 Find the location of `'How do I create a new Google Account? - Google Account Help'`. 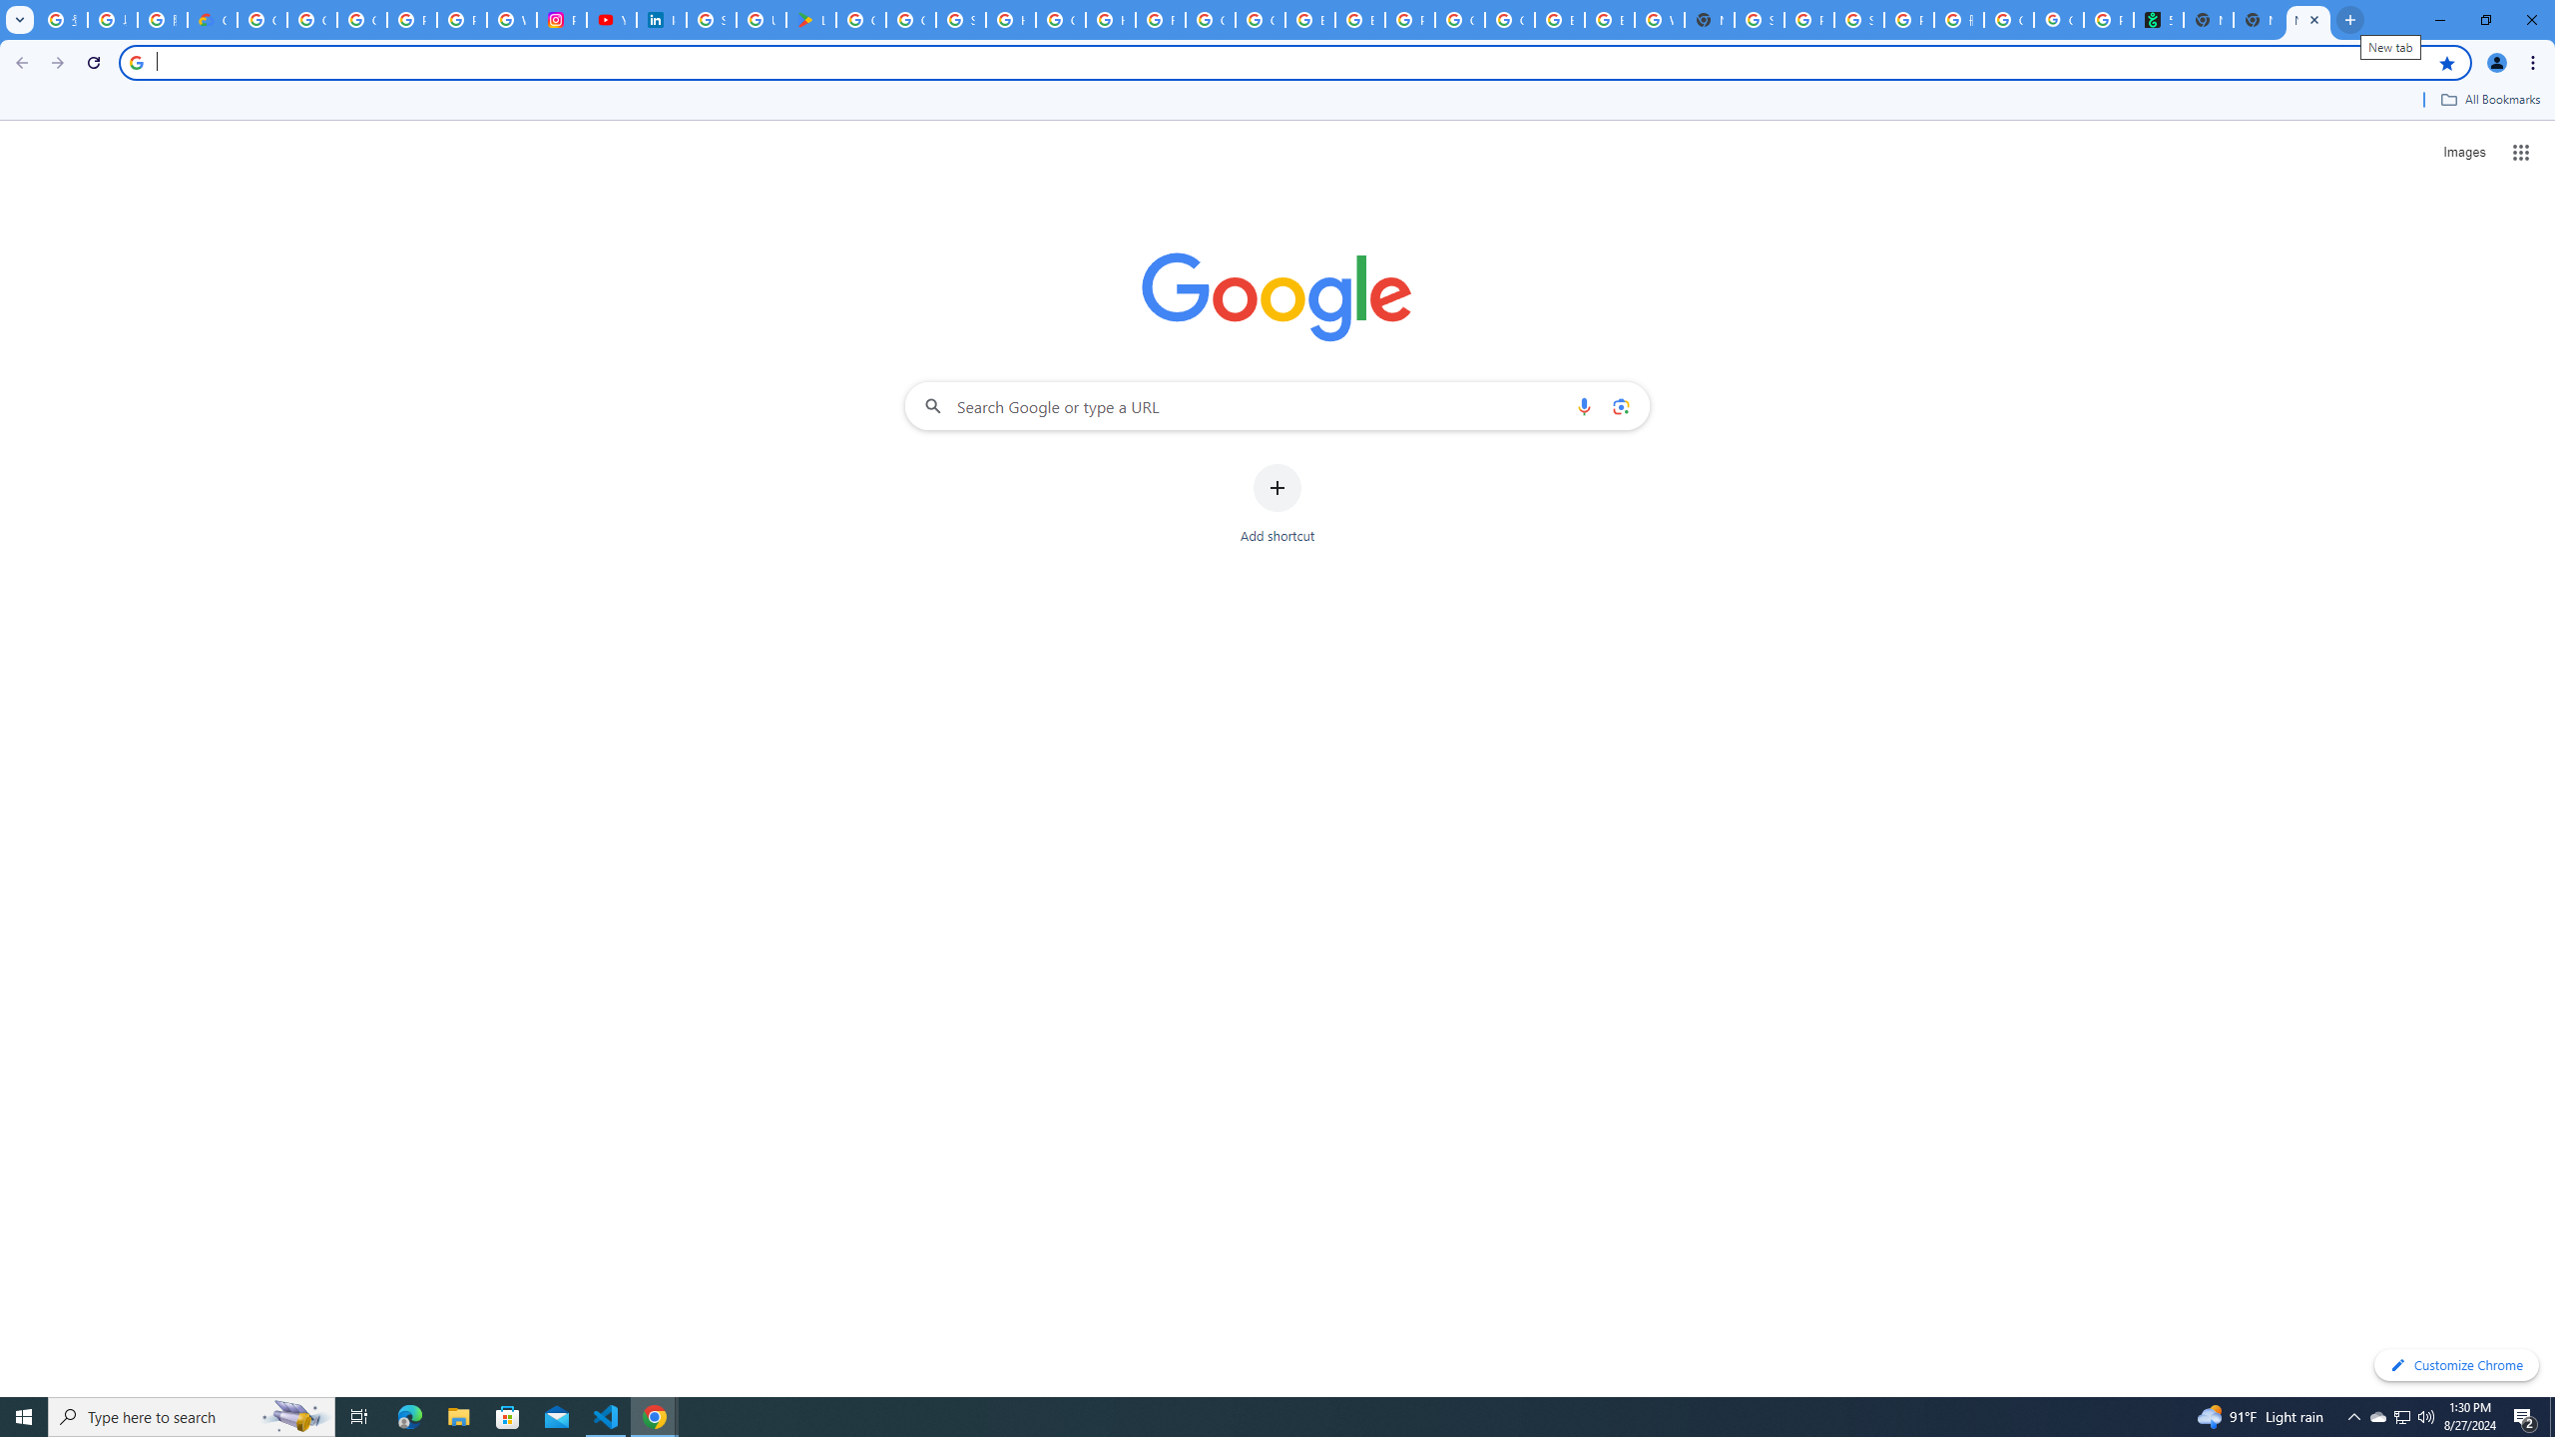

'How do I create a new Google Account? - Google Account Help' is located at coordinates (1110, 19).